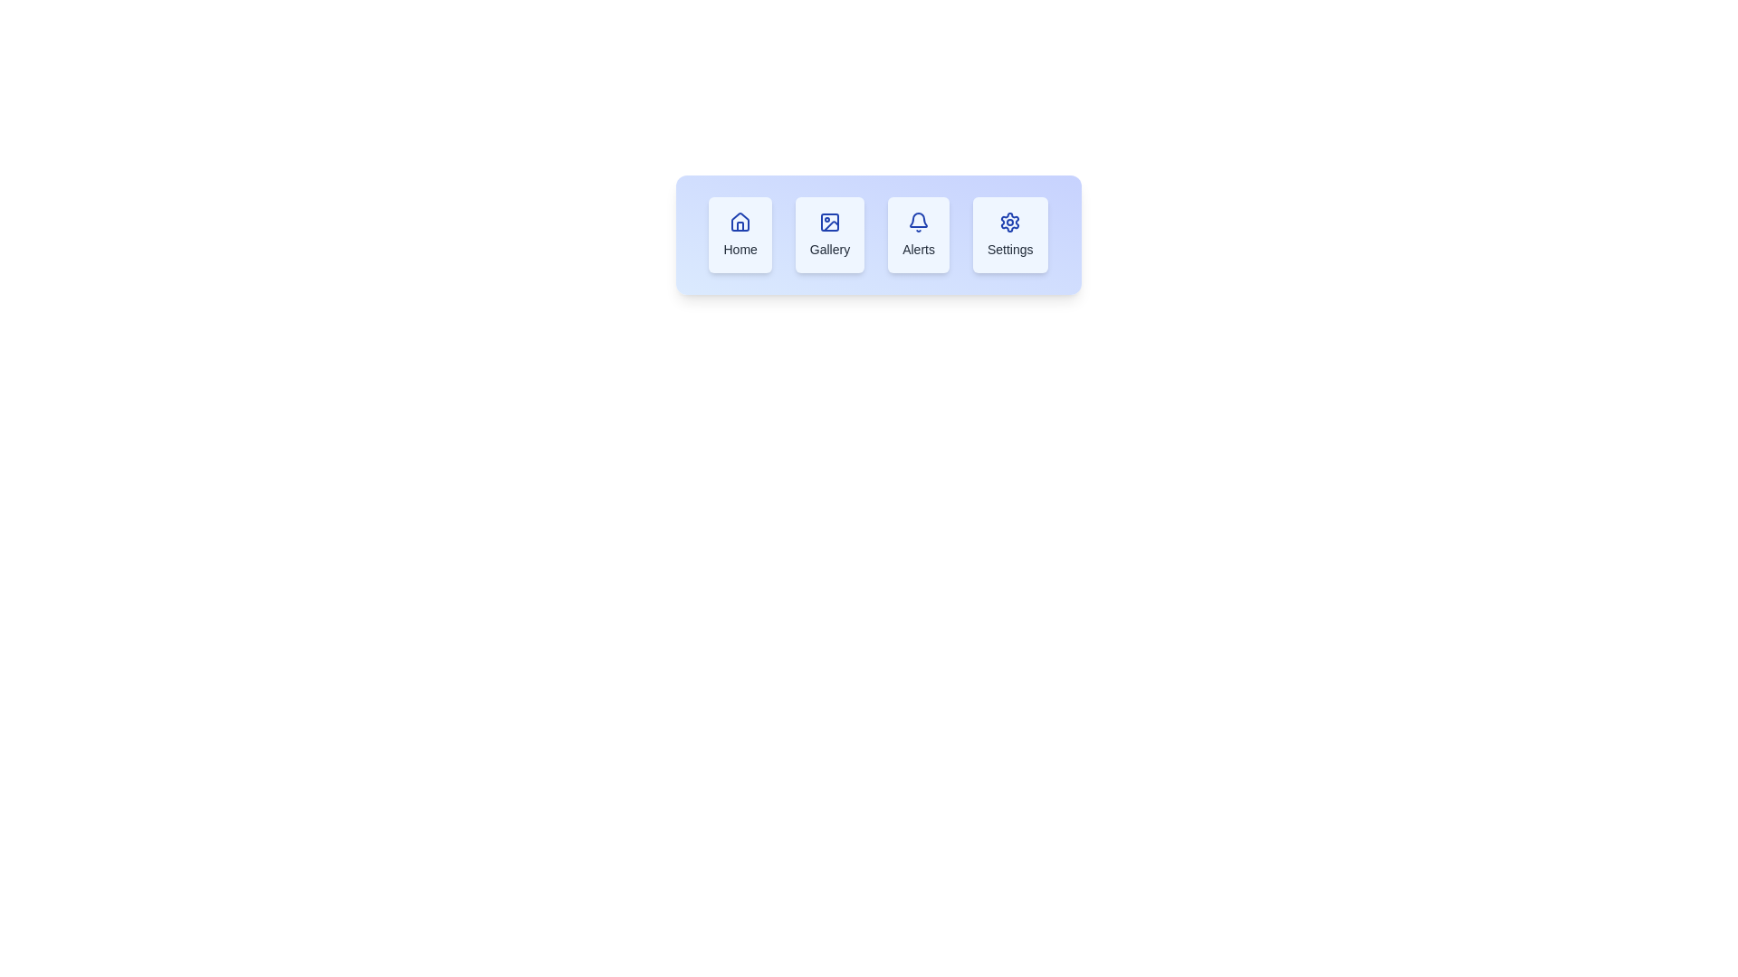 The width and height of the screenshot is (1738, 977). I want to click on the bell icon above the 'Alerts' text within the 'Alerts' button, so click(919, 222).